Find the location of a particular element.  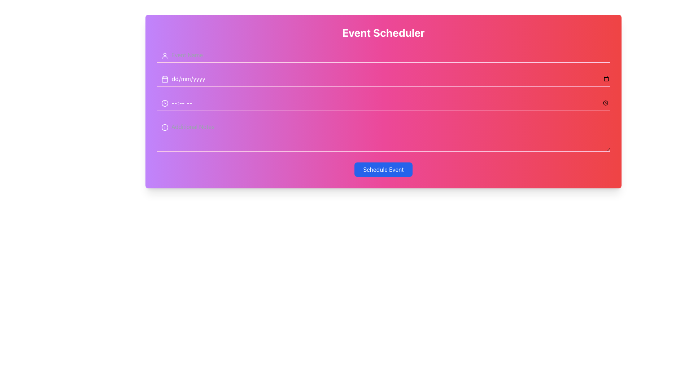

the blue button labeled 'Schedule Event' to observe its hover state is located at coordinates (383, 169).